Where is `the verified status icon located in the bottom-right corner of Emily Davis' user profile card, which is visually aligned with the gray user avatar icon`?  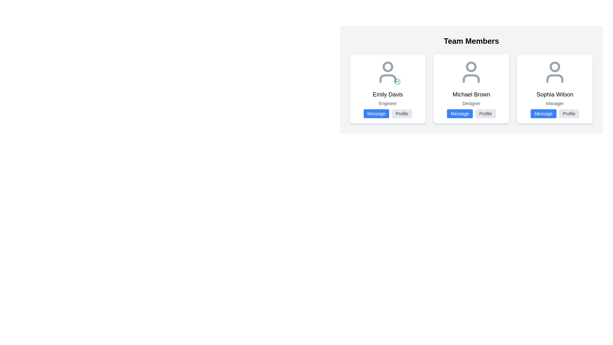 the verified status icon located in the bottom-right corner of Emily Davis' user profile card, which is visually aligned with the gray user avatar icon is located at coordinates (397, 81).